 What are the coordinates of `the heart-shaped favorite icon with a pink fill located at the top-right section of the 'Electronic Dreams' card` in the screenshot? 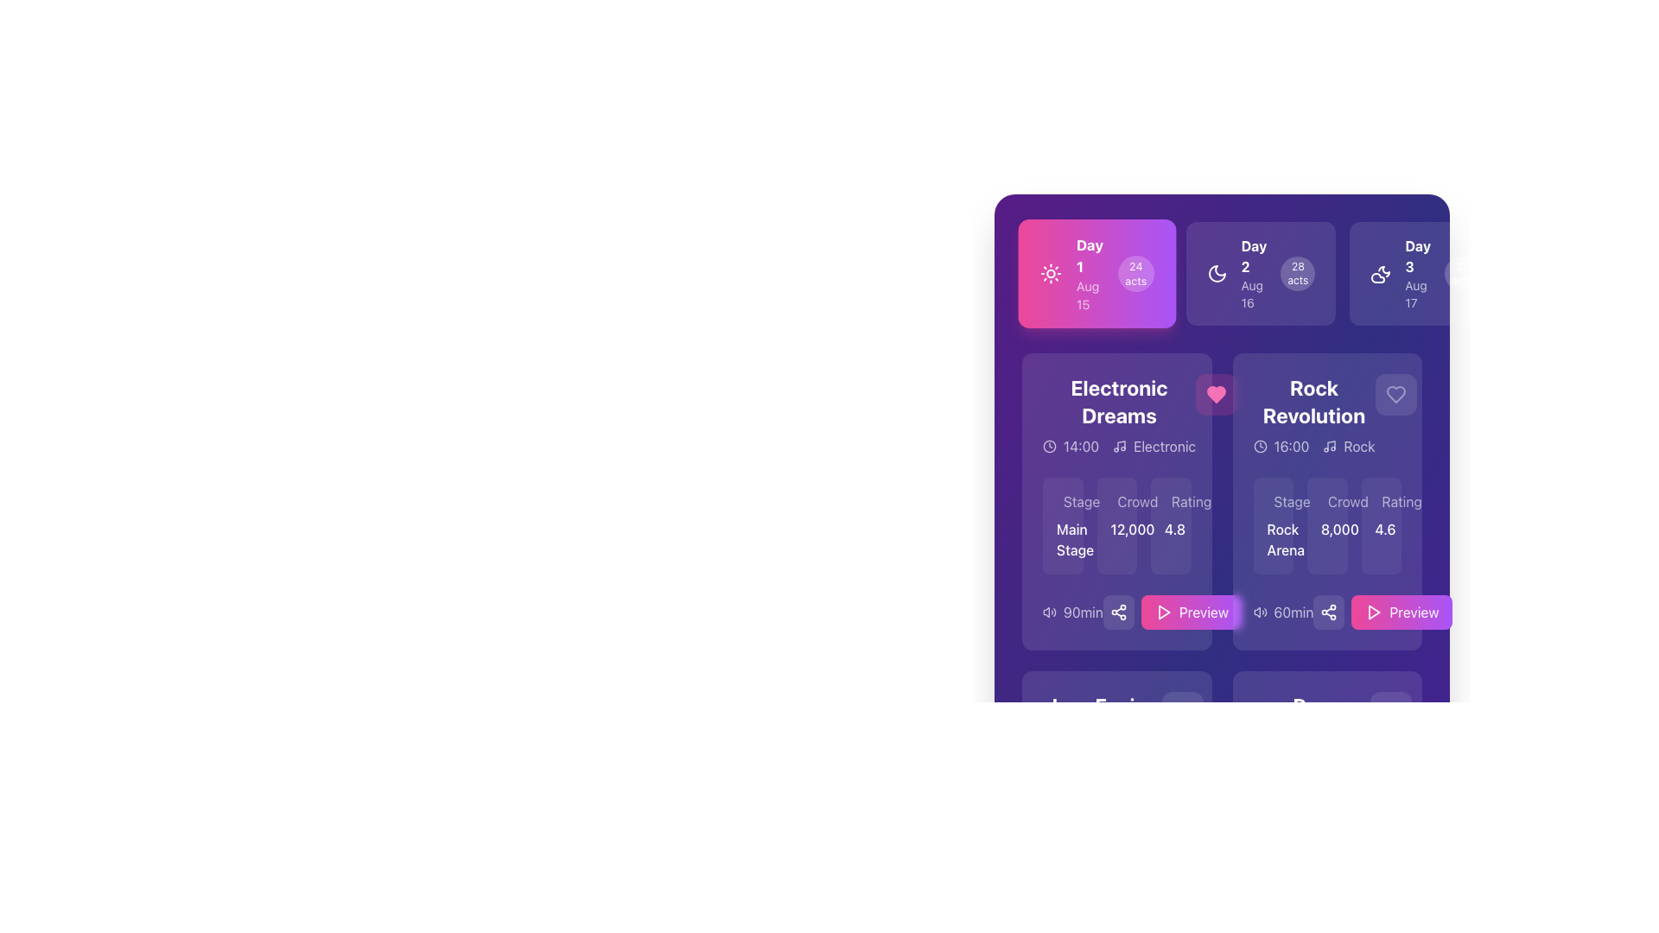 It's located at (1216, 394).